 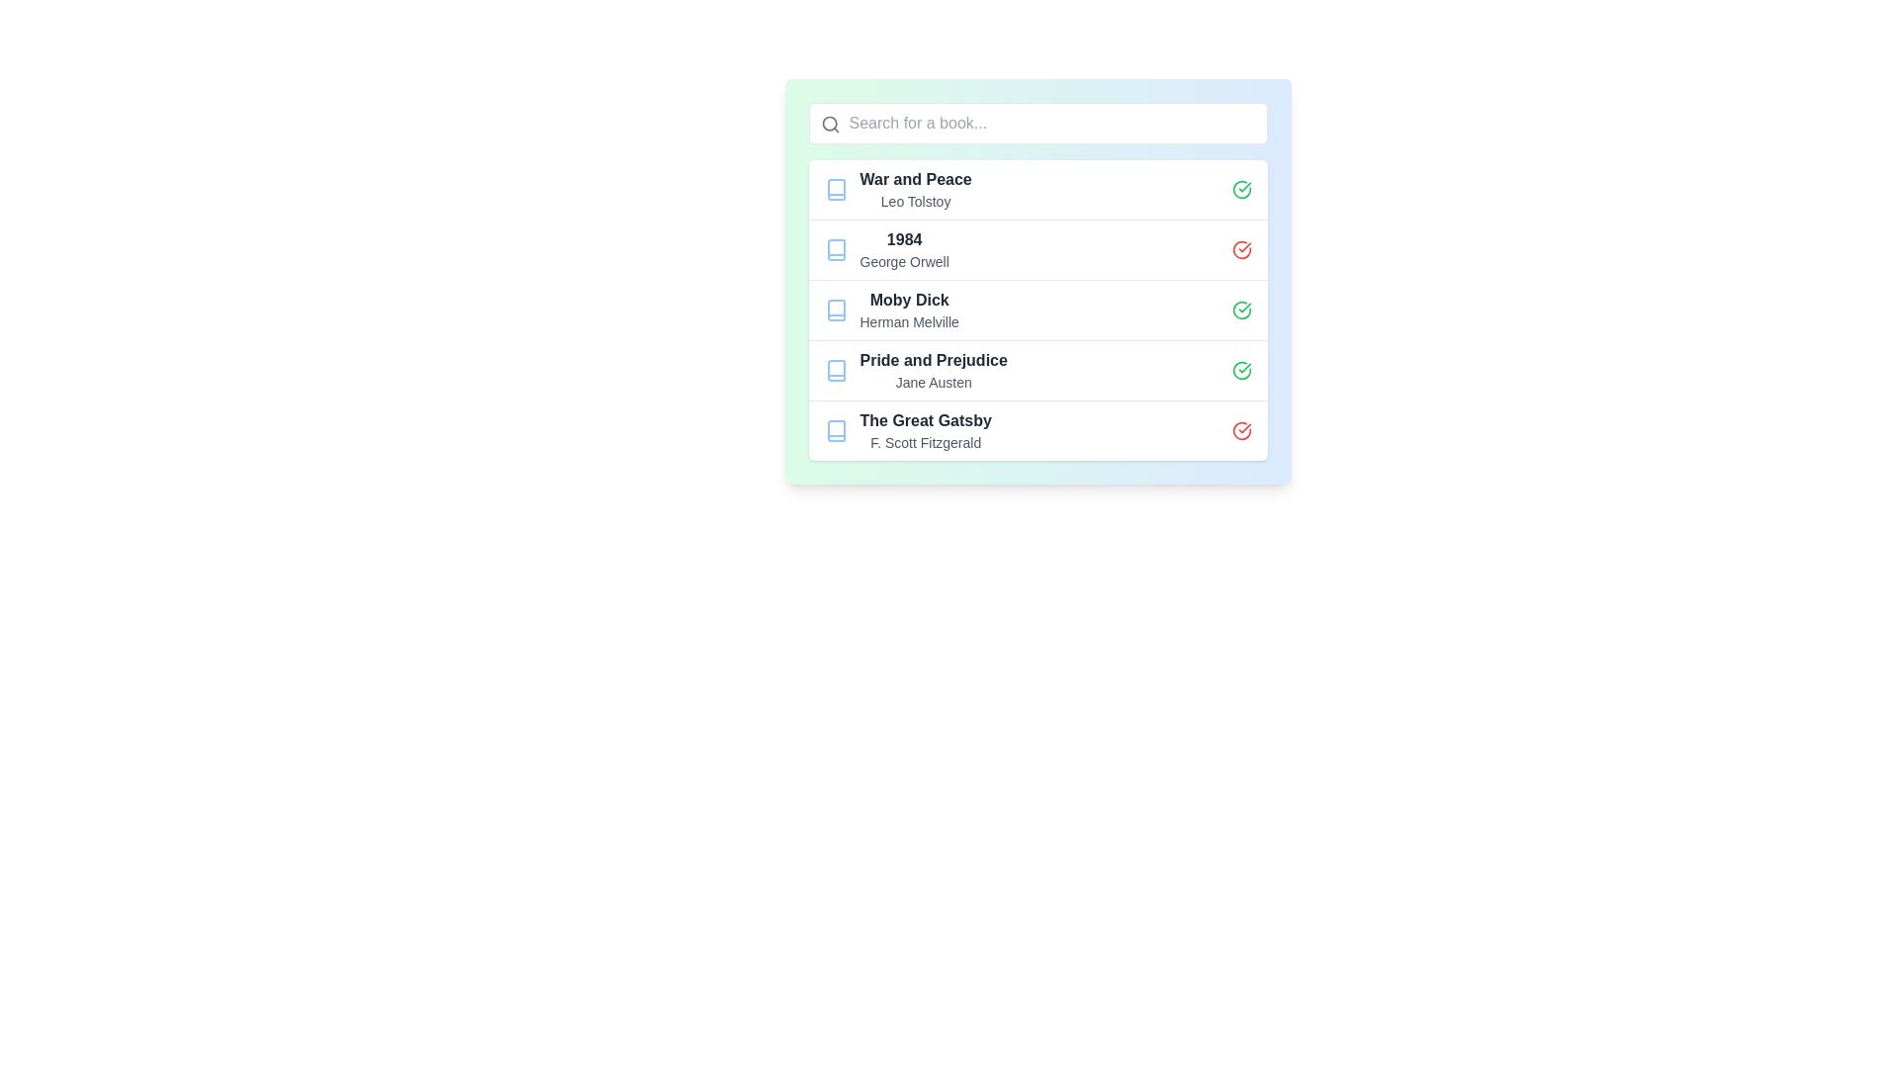 I want to click on the book icon representing 'Pride and Prejudice', which is the fourth item in a vertical list of books, so click(x=836, y=370).